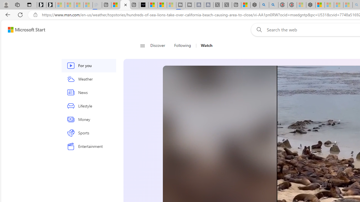 This screenshot has height=202, width=360. What do you see at coordinates (142, 45) in the screenshot?
I see `'Open navigation menu'` at bounding box center [142, 45].